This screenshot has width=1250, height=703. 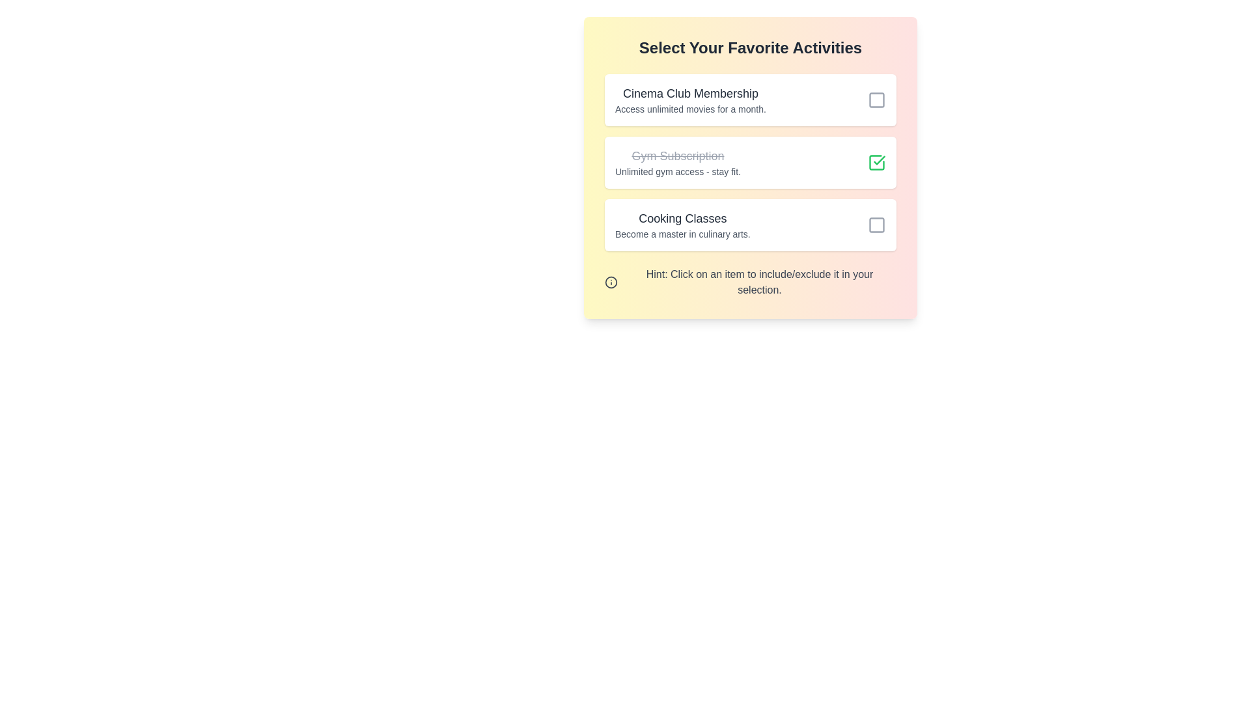 What do you see at coordinates (682, 233) in the screenshot?
I see `the text element displaying 'Become a master in culinary arts.' located below the 'Cooking Classes' heading` at bounding box center [682, 233].